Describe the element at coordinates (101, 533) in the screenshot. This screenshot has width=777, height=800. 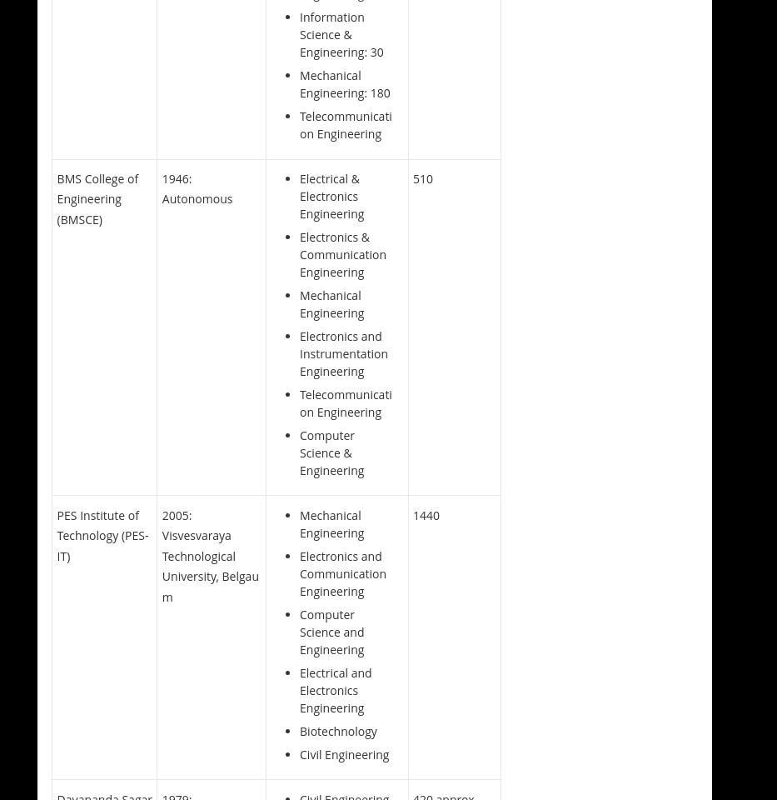
I see `'PES Institute of Technology (PES-IT)'` at that location.